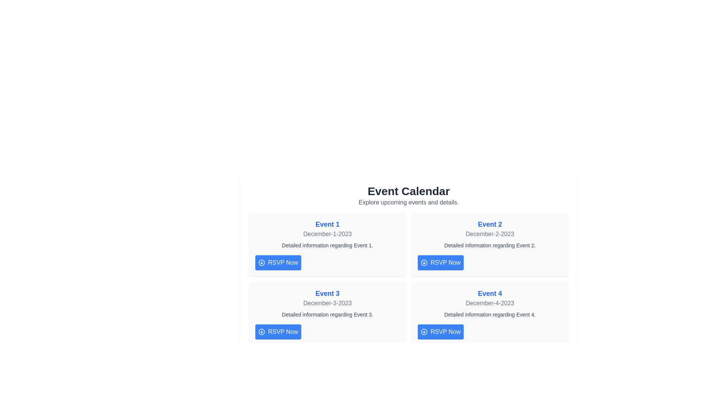 The width and height of the screenshot is (722, 406). Describe the element at coordinates (490, 245) in the screenshot. I see `the static text paragraph that provides additional details about the event described in the card, positioned below the event title and date, and above the RSVP button` at that location.